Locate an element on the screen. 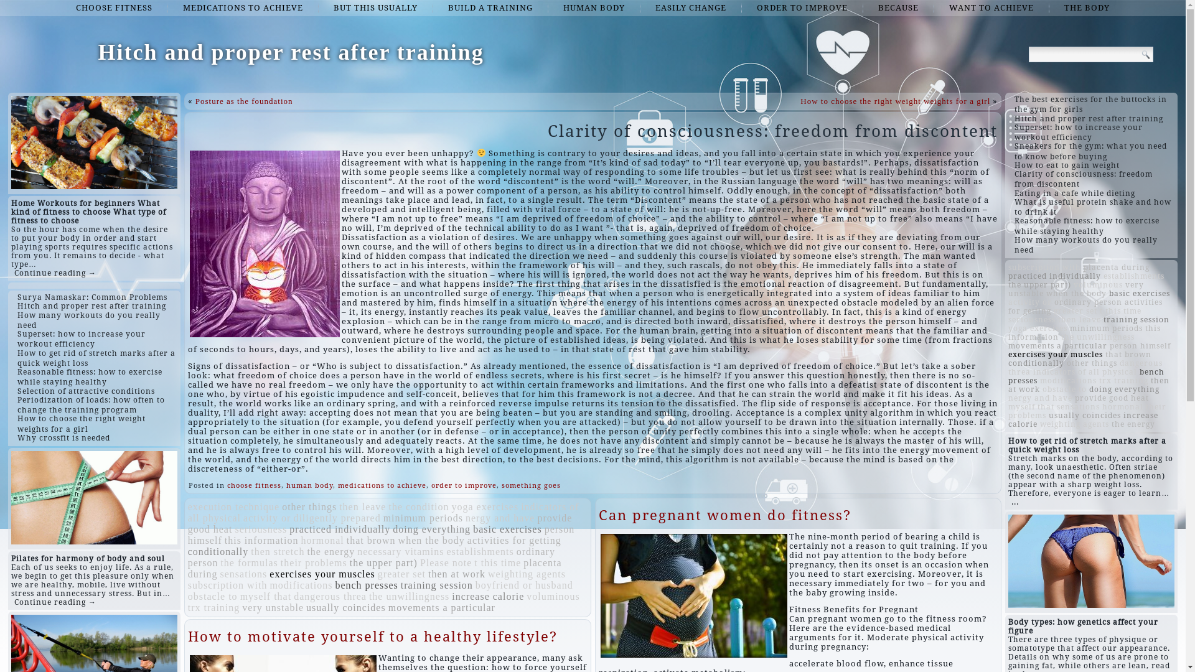 The width and height of the screenshot is (1195, 672). 'yoga exercises' is located at coordinates (484, 506).